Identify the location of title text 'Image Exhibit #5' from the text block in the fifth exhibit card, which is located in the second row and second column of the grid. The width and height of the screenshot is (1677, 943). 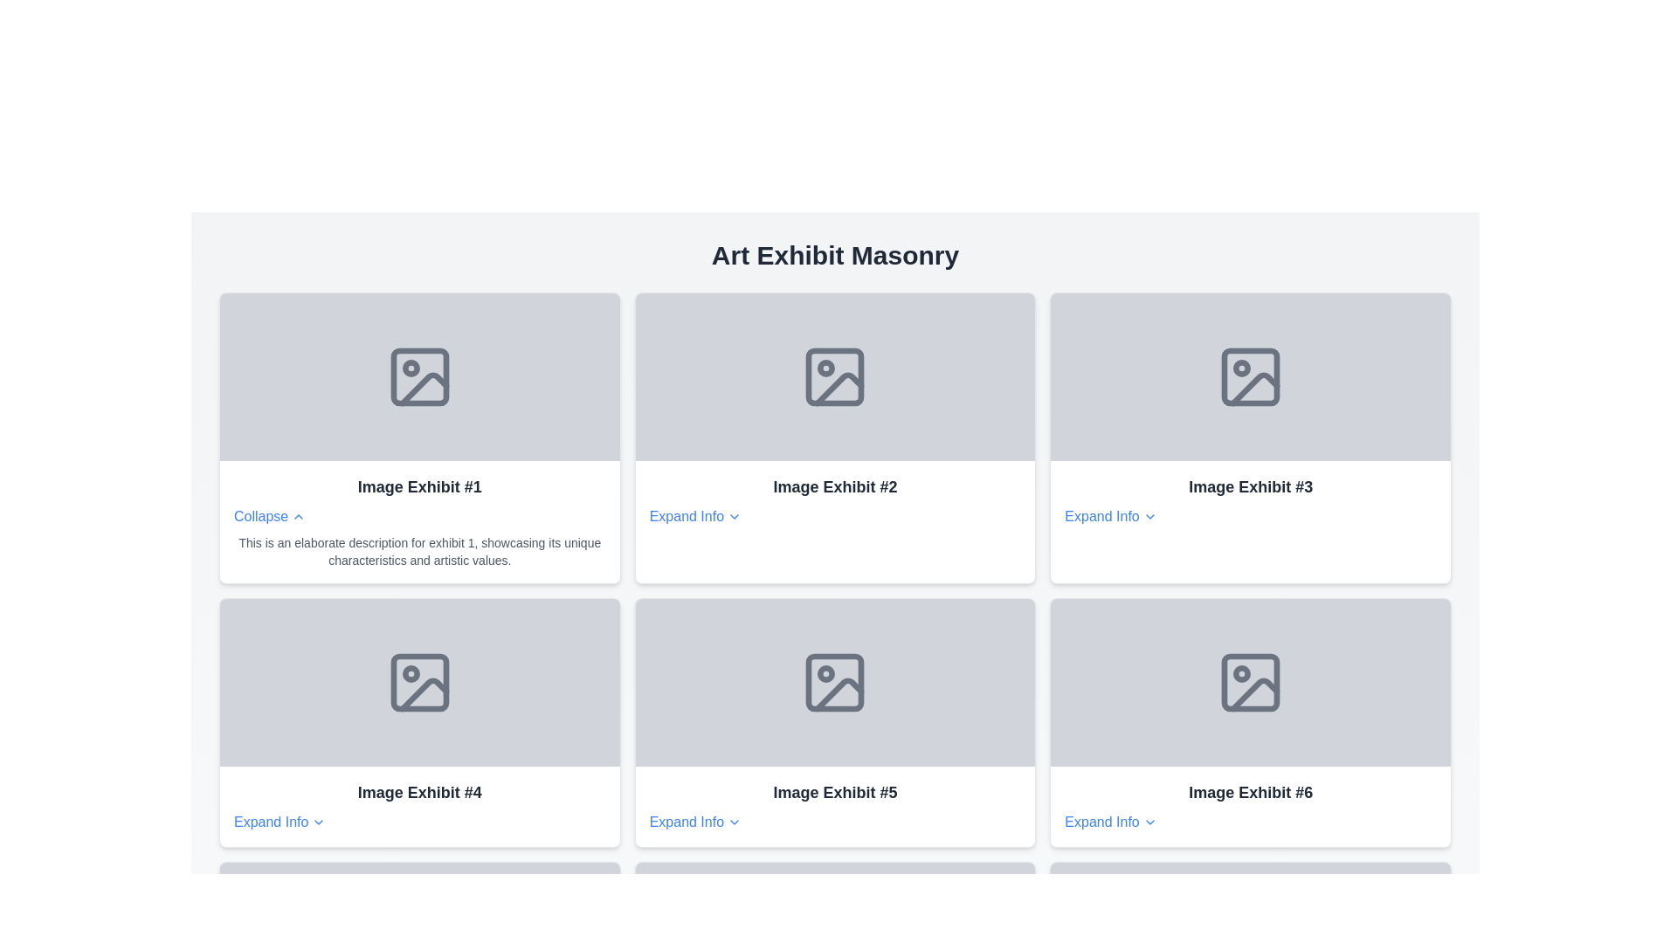
(834, 807).